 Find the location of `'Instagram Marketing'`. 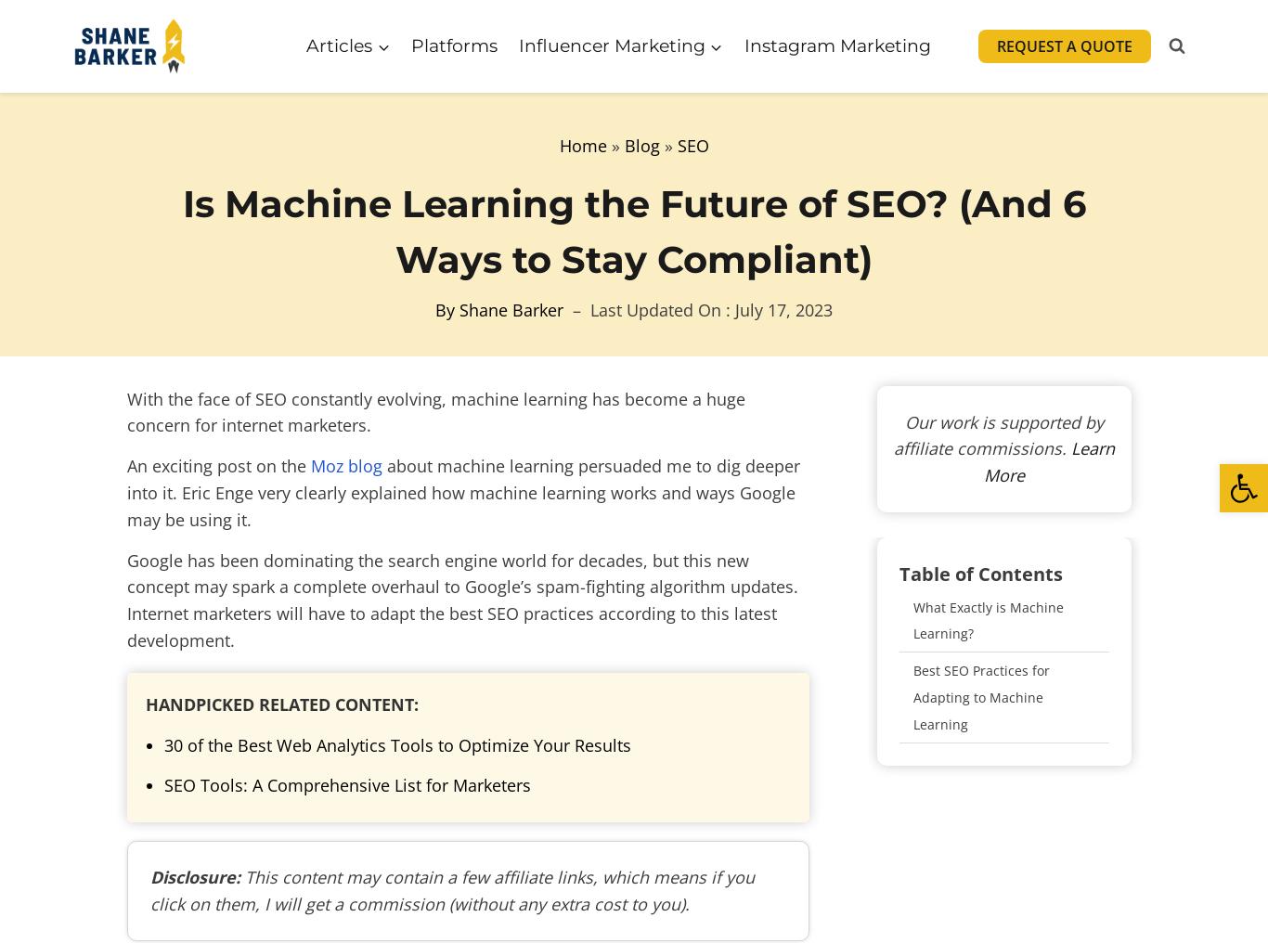

'Instagram Marketing' is located at coordinates (835, 44).